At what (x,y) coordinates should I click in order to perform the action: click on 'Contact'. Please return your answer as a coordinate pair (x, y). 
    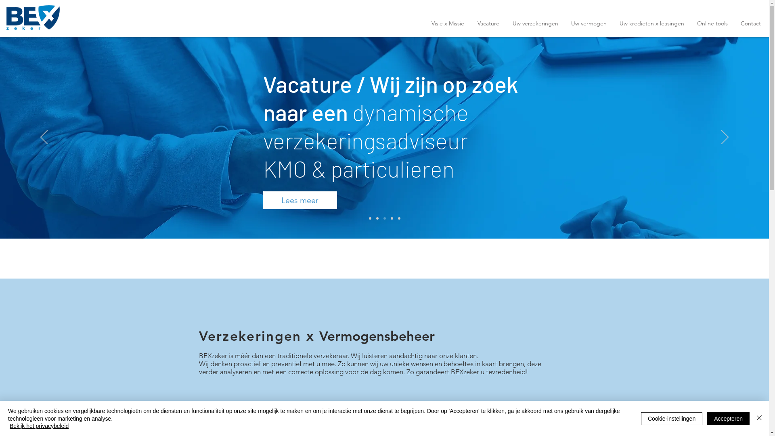
    Looking at the image, I should click on (750, 23).